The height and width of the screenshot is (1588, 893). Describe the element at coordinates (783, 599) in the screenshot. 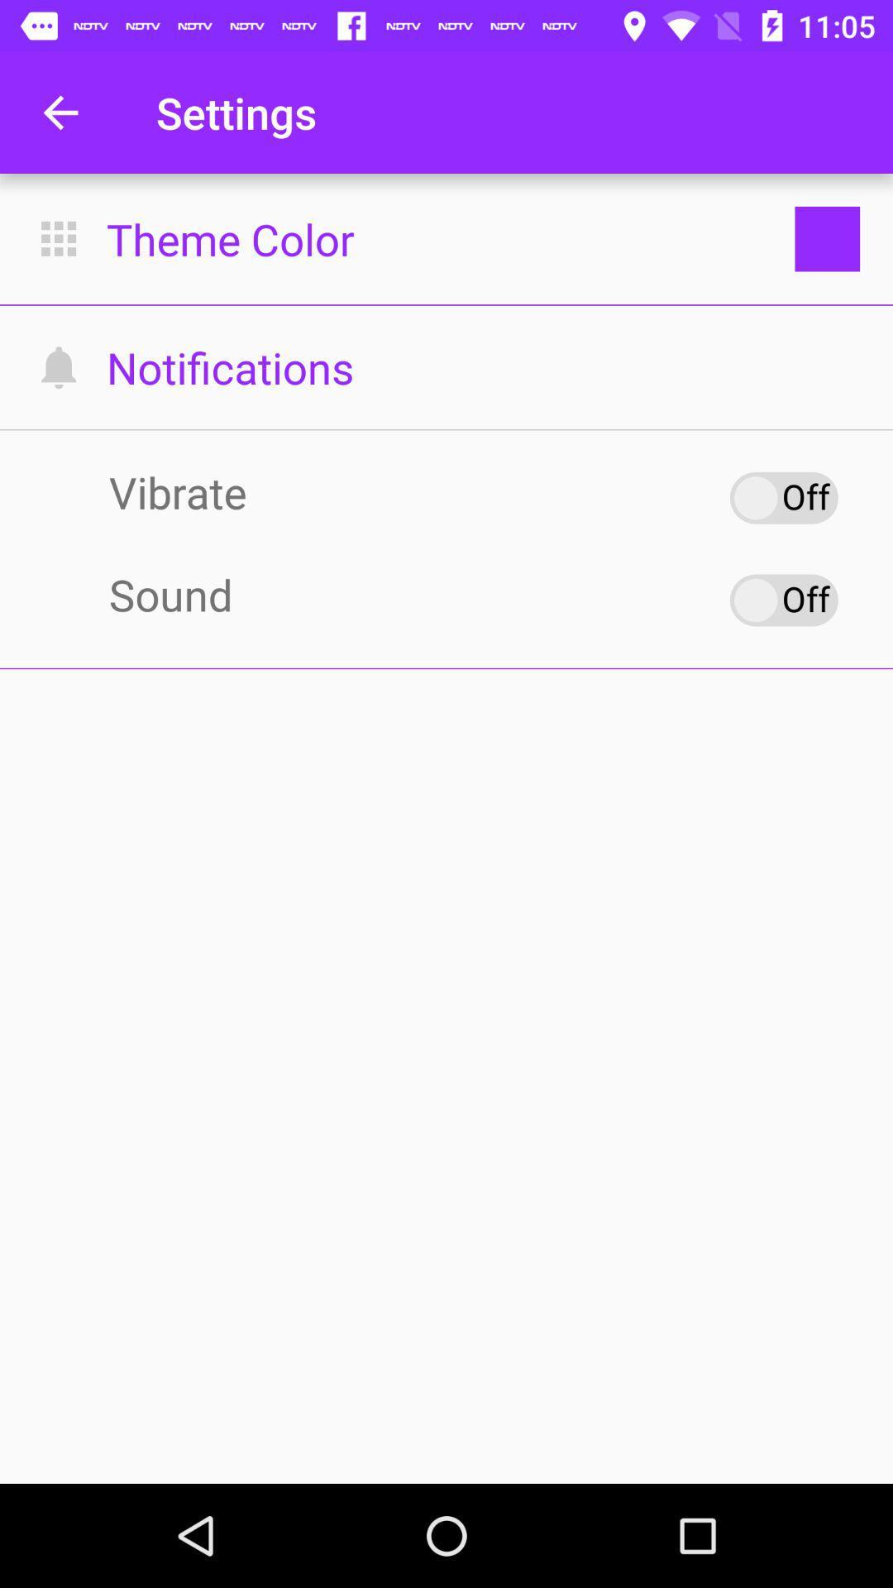

I see `mute or unmute notifications` at that location.